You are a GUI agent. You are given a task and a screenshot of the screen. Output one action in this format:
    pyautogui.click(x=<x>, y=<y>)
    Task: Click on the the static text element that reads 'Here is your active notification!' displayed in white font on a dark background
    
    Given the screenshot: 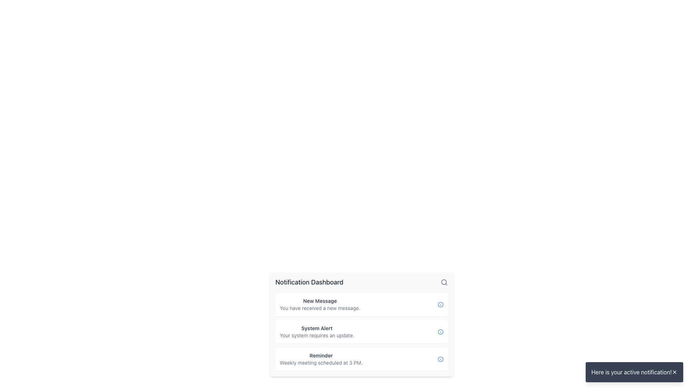 What is the action you would take?
    pyautogui.click(x=631, y=372)
    